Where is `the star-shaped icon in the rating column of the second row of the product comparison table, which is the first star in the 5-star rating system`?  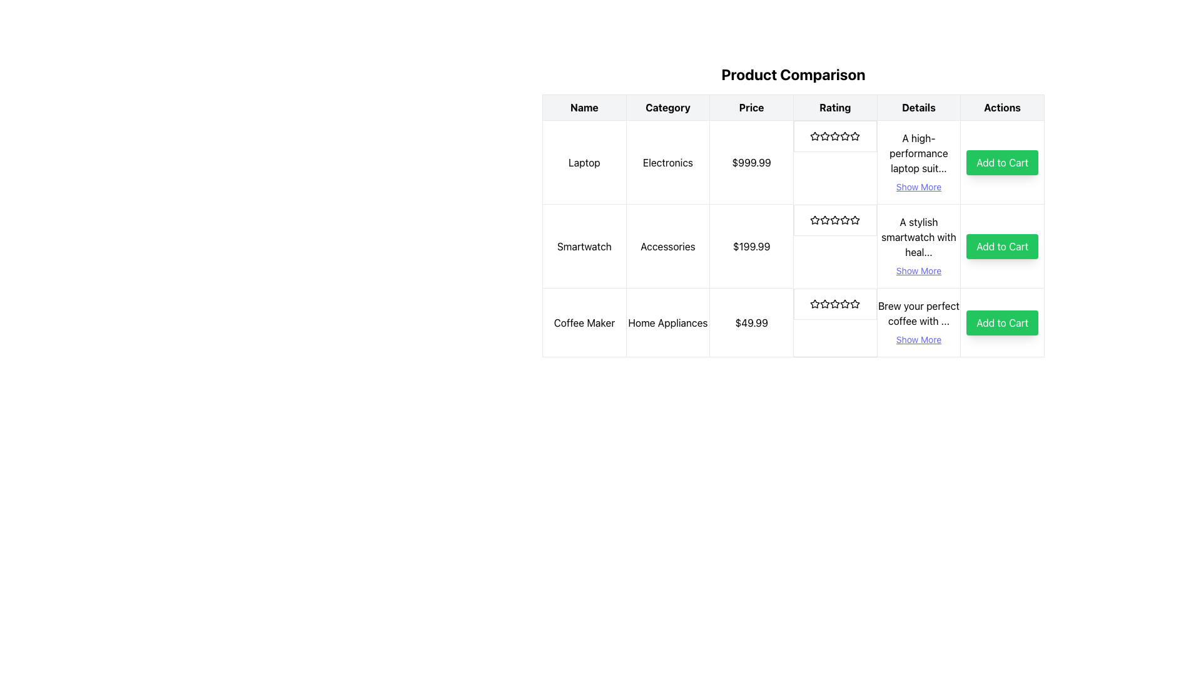 the star-shaped icon in the rating column of the second row of the product comparison table, which is the first star in the 5-star rating system is located at coordinates (815, 219).